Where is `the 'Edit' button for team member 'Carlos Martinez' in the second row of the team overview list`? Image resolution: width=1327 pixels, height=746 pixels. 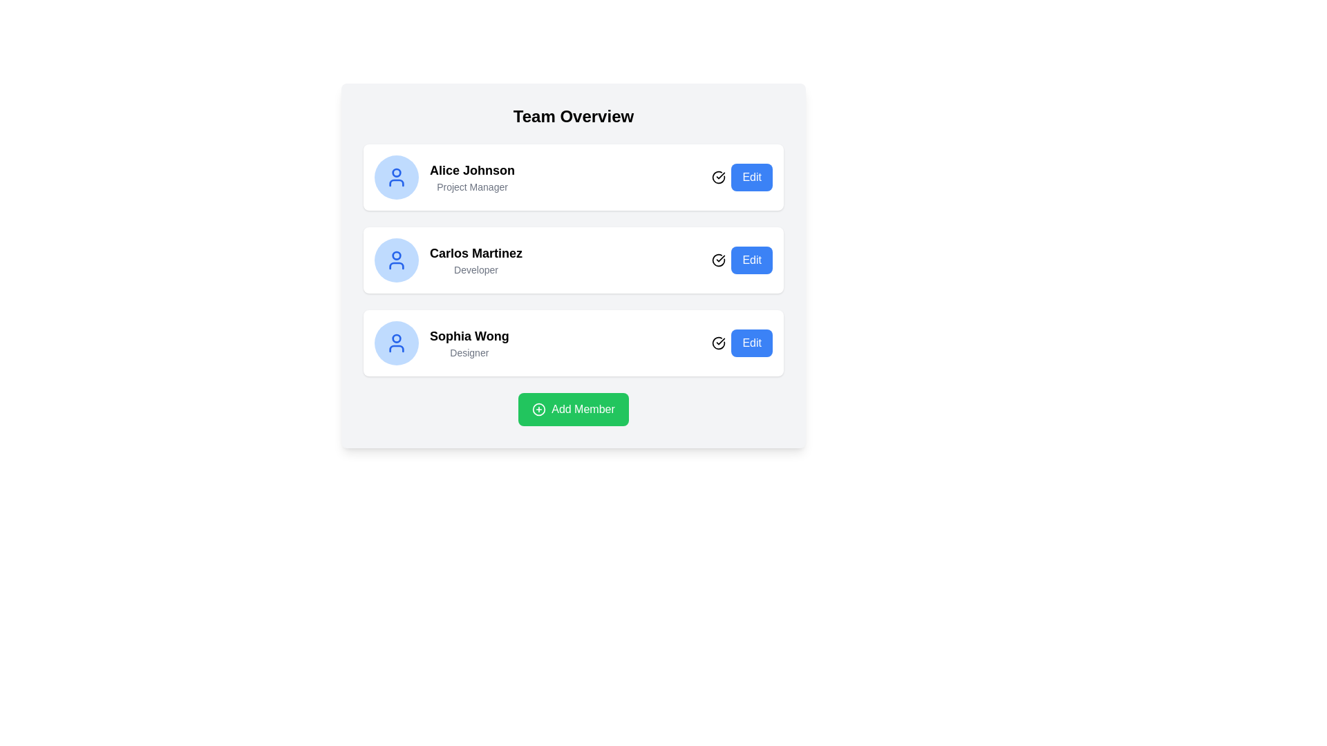
the 'Edit' button for team member 'Carlos Martinez' in the second row of the team overview list is located at coordinates (751, 260).